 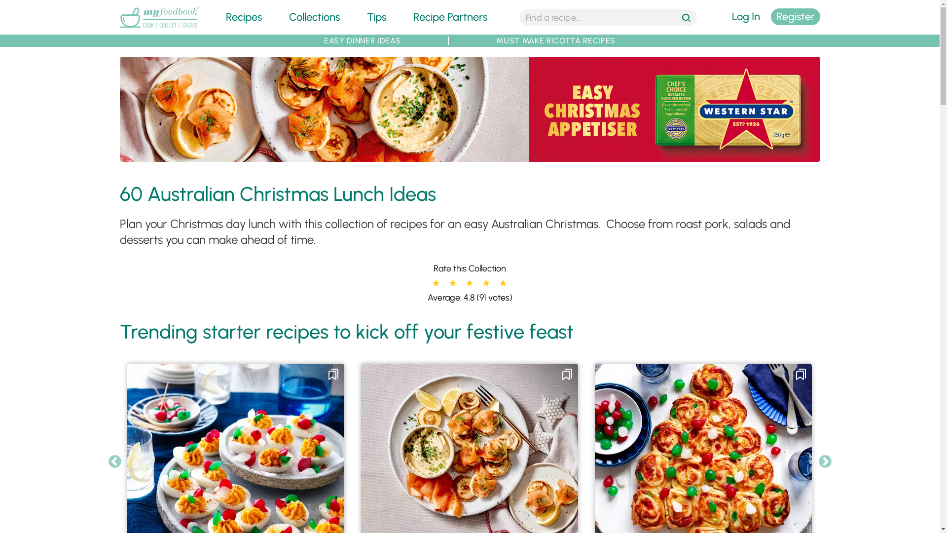 I want to click on 'How to make Blini and whipped butter', so click(x=469, y=109).